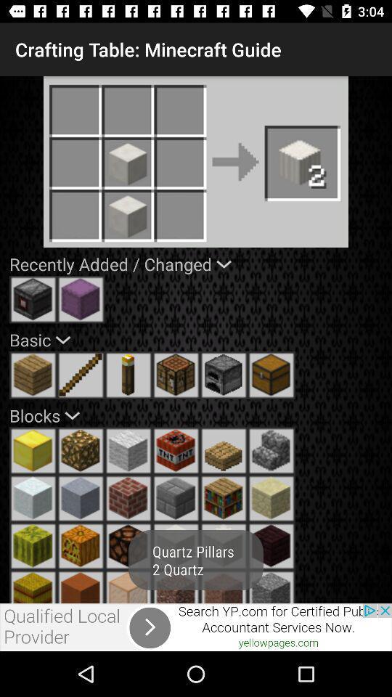 This screenshot has height=697, width=392. I want to click on block, so click(33, 450).